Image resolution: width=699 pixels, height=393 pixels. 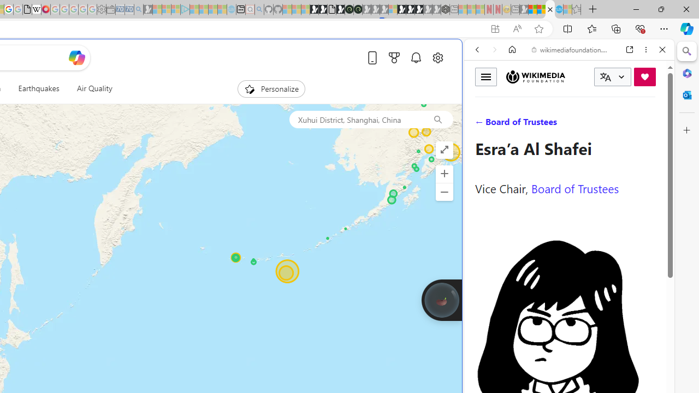 What do you see at coordinates (645, 50) in the screenshot?
I see `'More options'` at bounding box center [645, 50].